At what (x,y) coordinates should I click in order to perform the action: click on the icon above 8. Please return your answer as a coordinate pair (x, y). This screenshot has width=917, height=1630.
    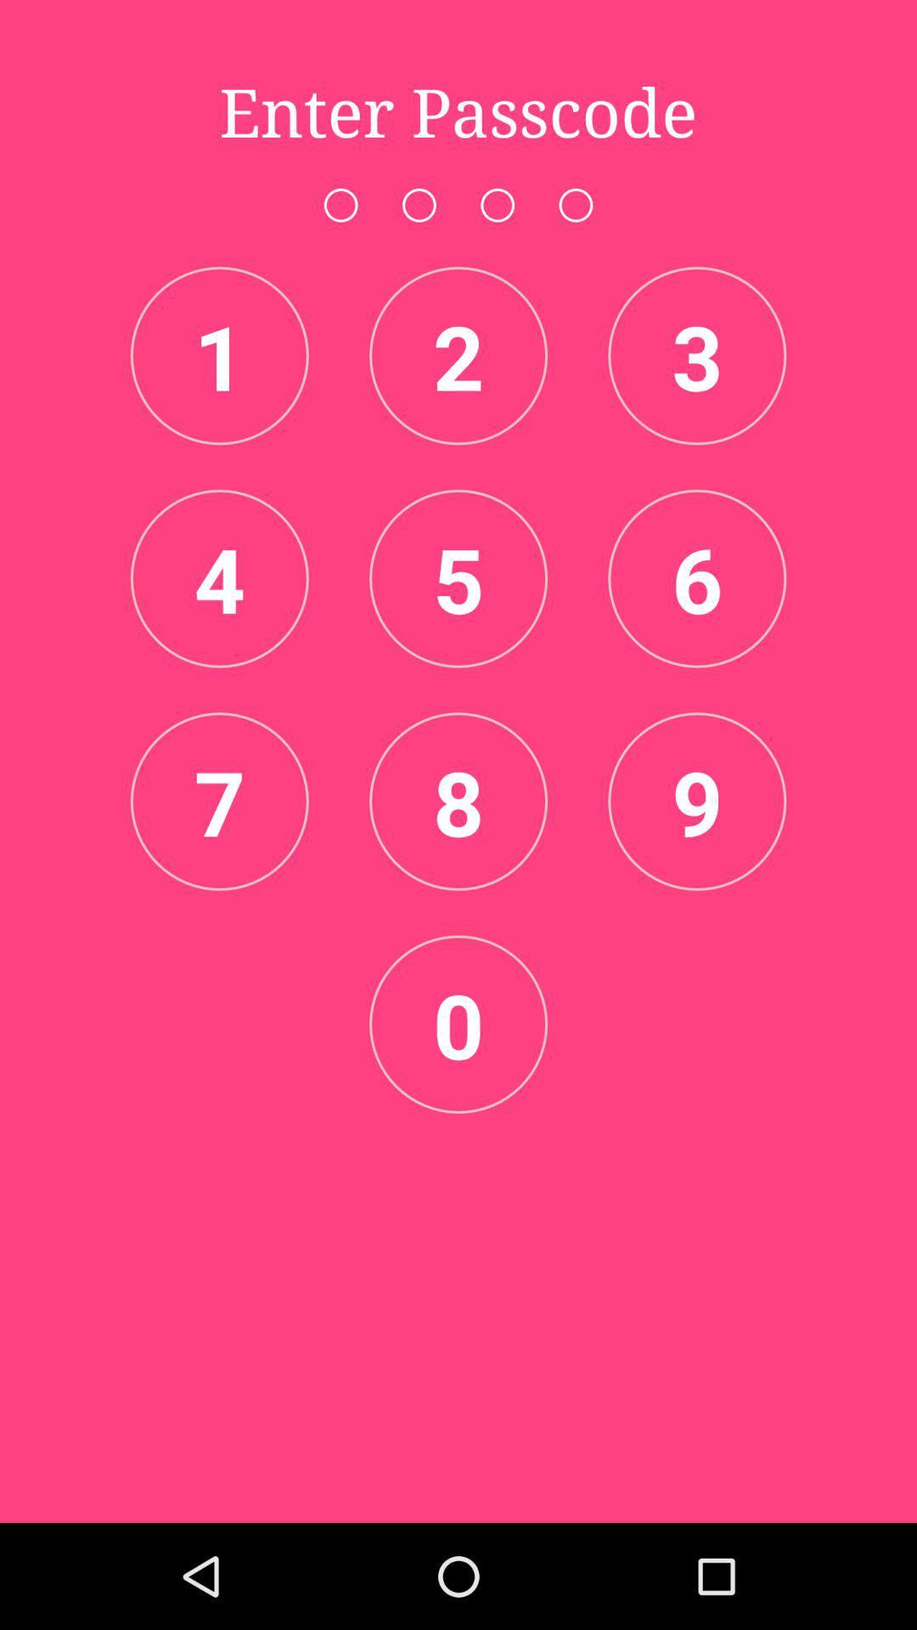
    Looking at the image, I should click on (458, 578).